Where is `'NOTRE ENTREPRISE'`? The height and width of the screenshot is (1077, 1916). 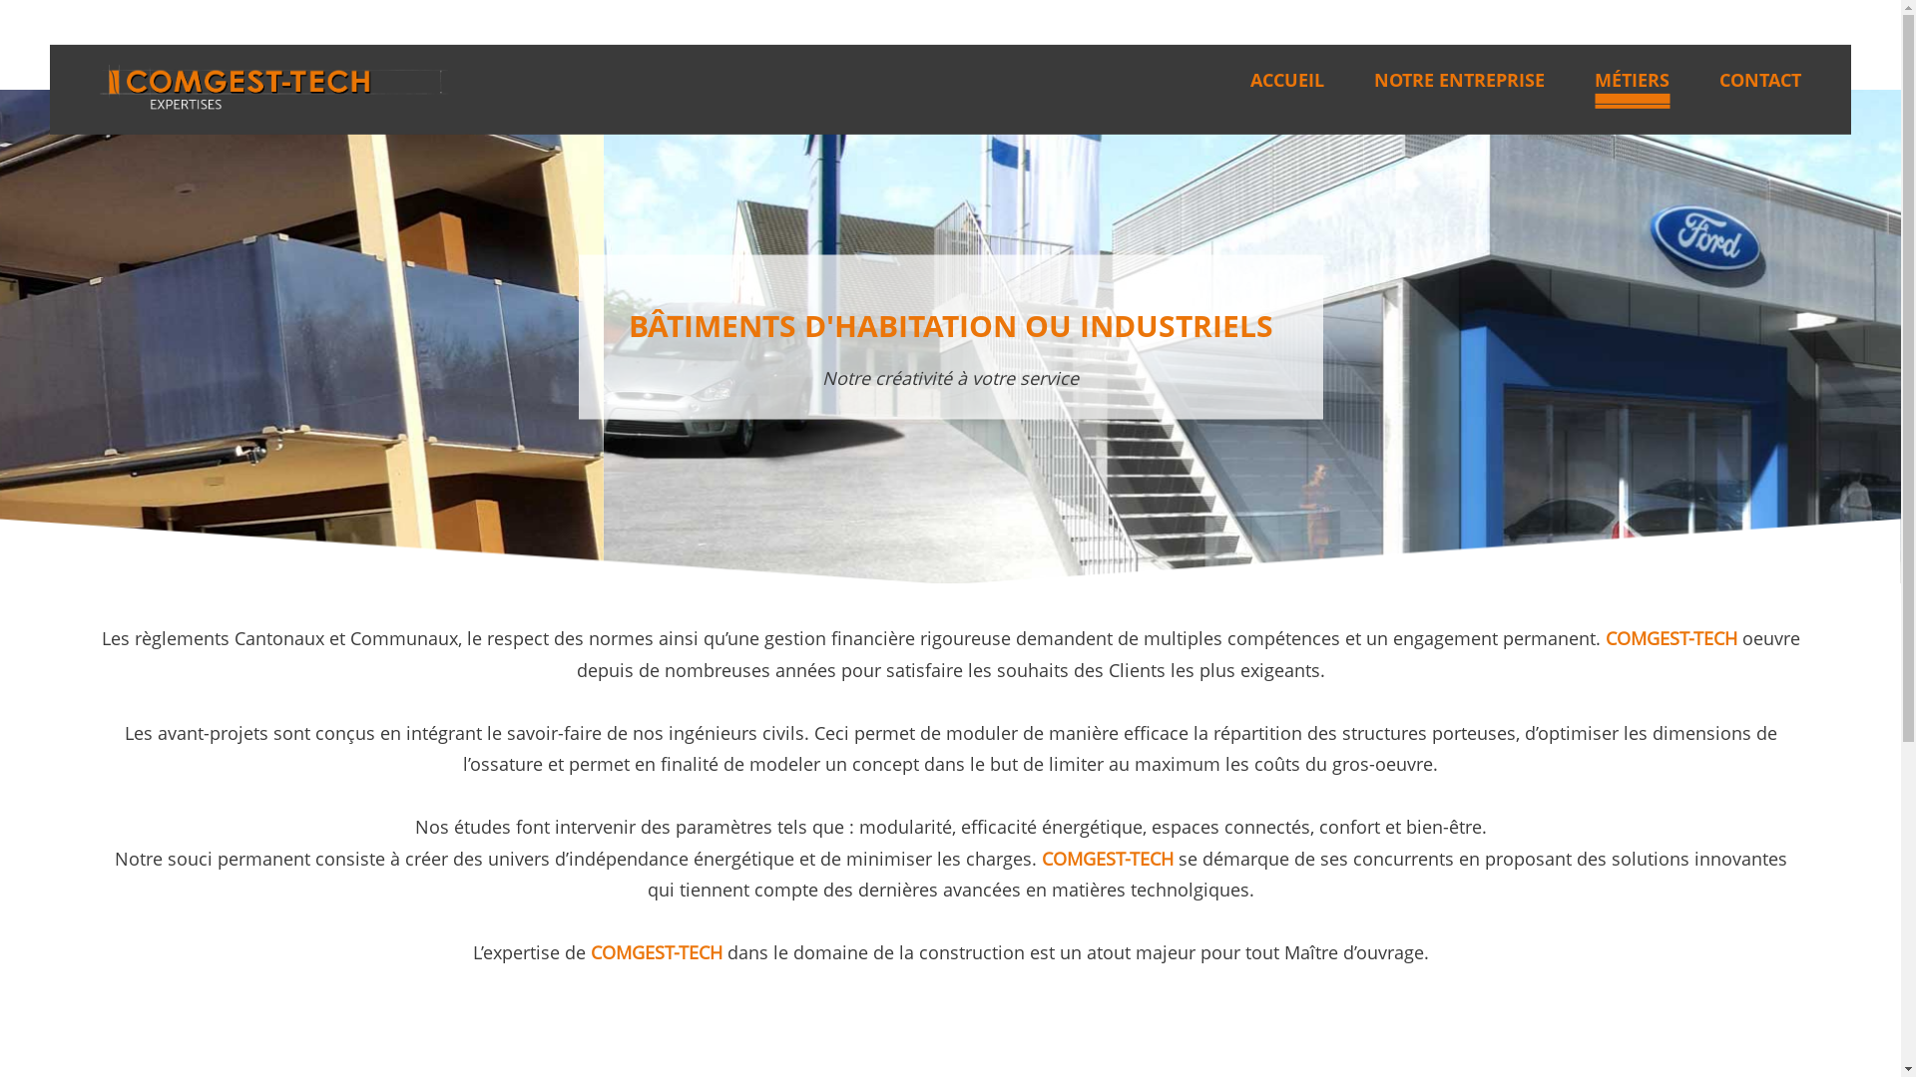 'NOTRE ENTREPRISE' is located at coordinates (1459, 79).